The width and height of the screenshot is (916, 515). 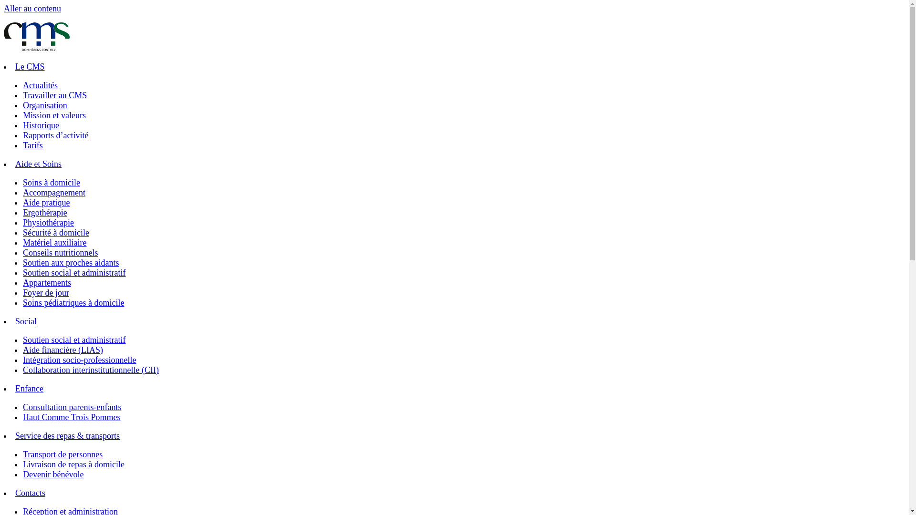 I want to click on 'Soutien social et administratif', so click(x=73, y=340).